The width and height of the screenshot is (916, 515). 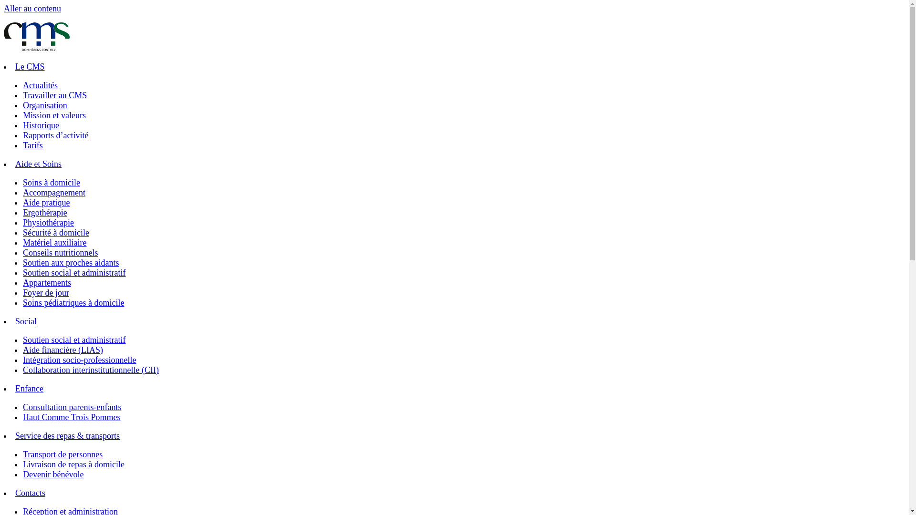 I want to click on 'Soutien social et administratif', so click(x=73, y=340).